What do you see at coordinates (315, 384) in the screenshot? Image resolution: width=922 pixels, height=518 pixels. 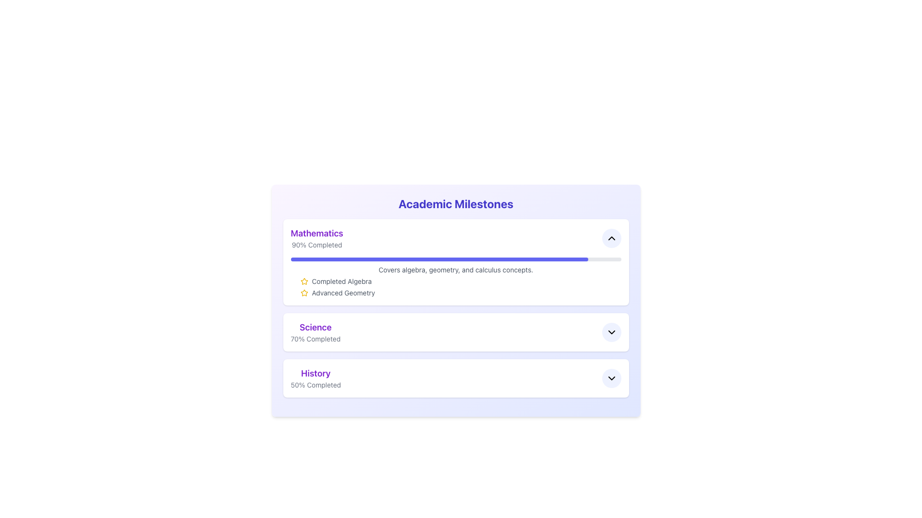 I see `the static text label that indicates the progress percentage for the 'History' section, which is located directly below the 'History' heading` at bounding box center [315, 384].